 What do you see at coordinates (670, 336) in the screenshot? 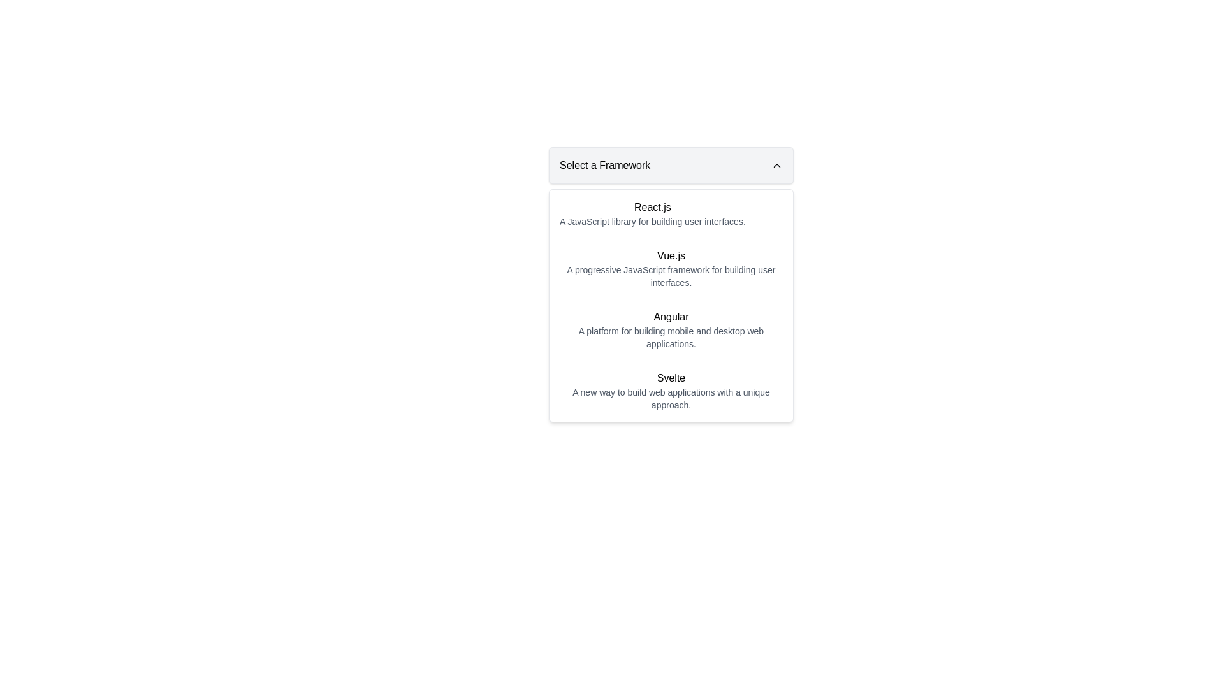
I see `text content from the text block that contains 'A platform for building mobile and desktop web applications.' located below the 'Angular' heading` at bounding box center [670, 336].